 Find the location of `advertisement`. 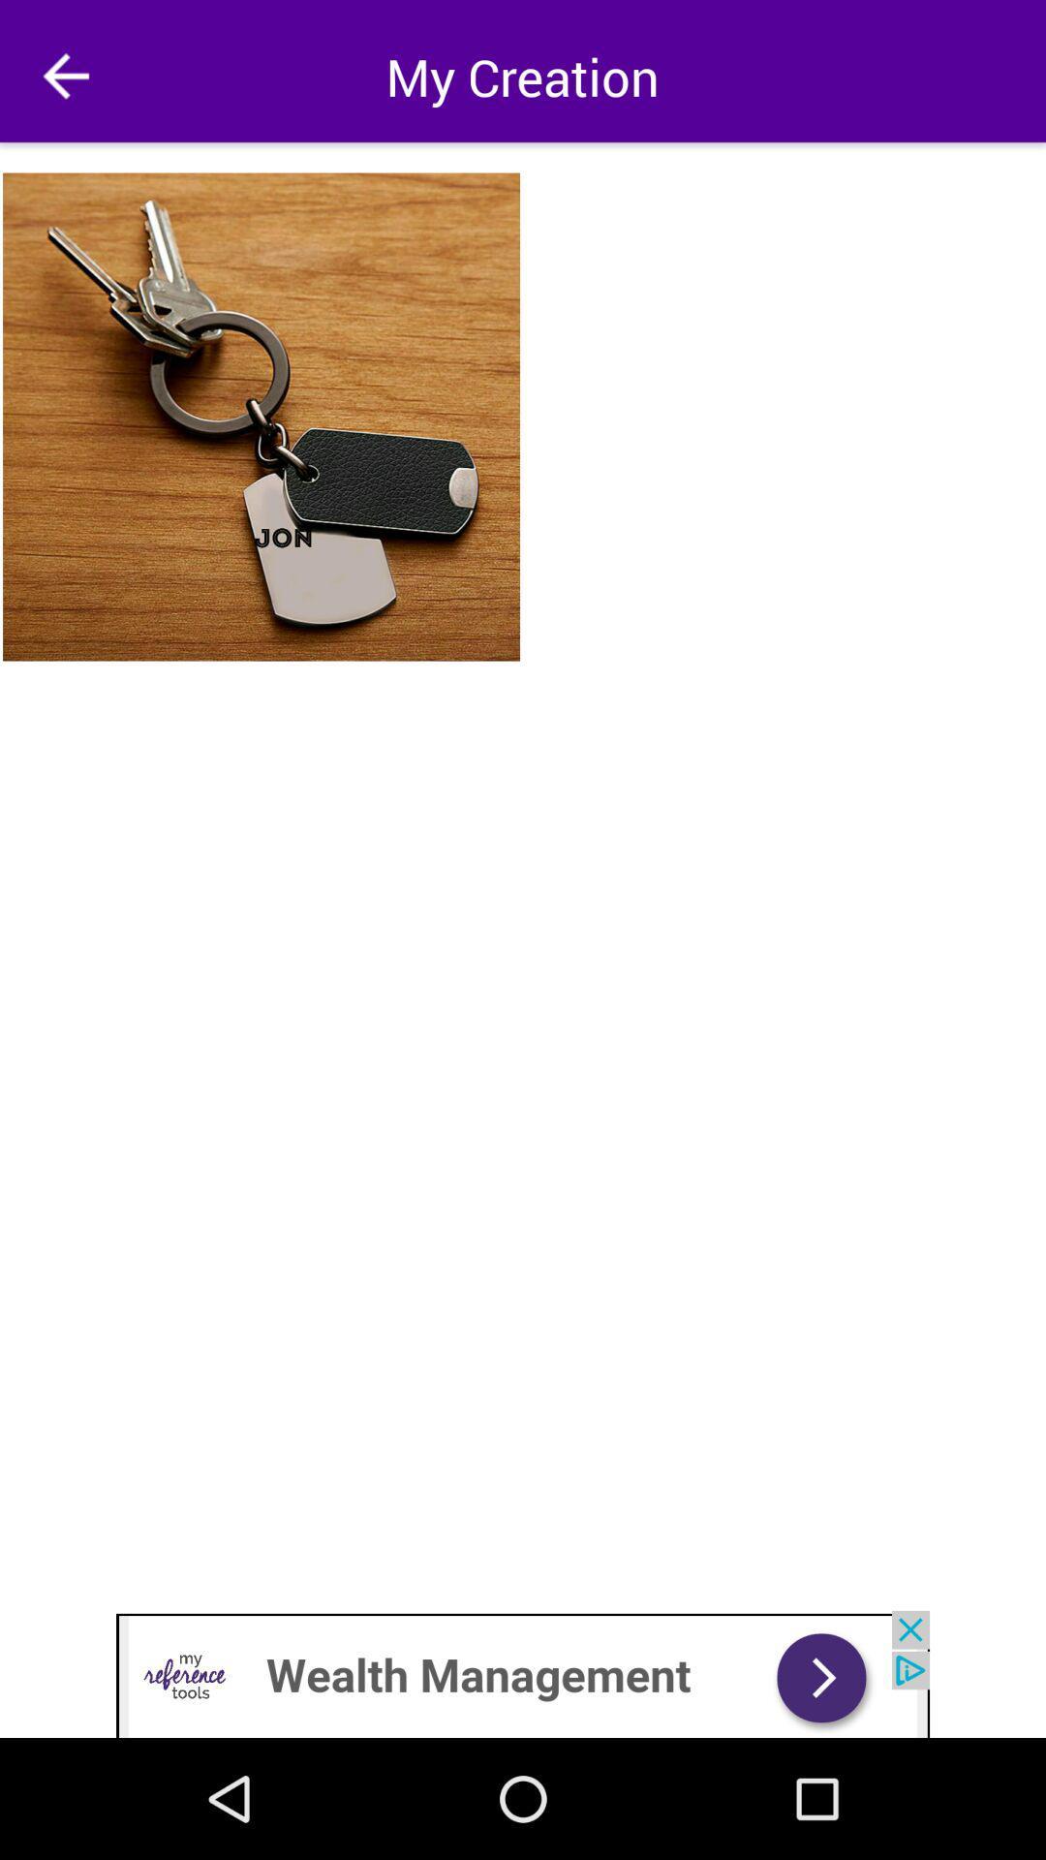

advertisement is located at coordinates (523, 1673).